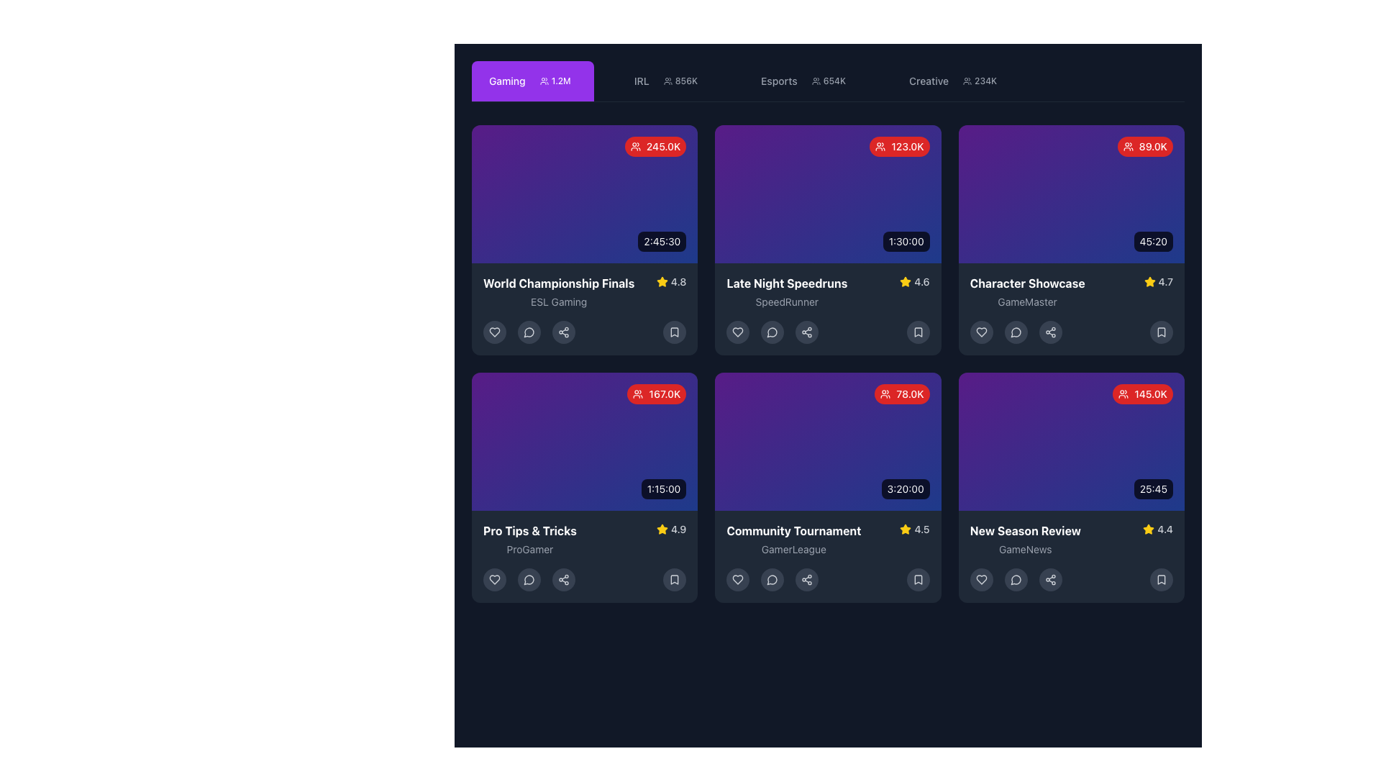  Describe the element at coordinates (980, 579) in the screenshot. I see `the heart-shaped icon located at the bottom section of the rightmost card` at that location.